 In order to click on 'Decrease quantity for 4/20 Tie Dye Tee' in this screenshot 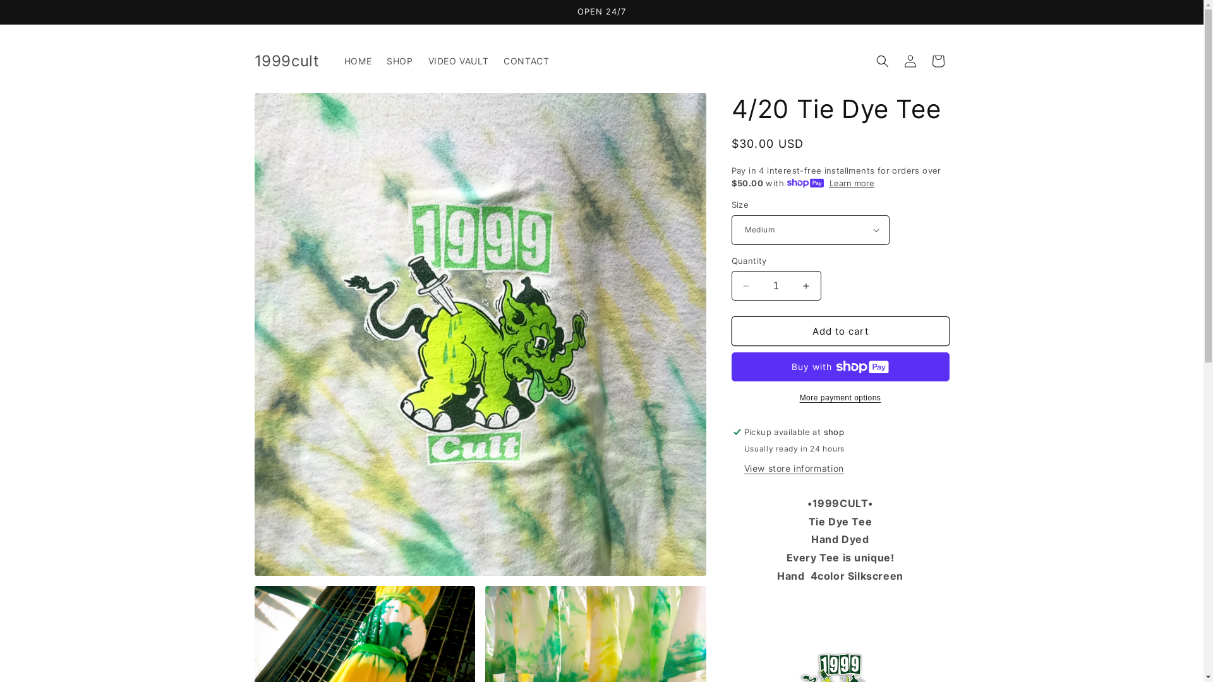, I will do `click(745, 285)`.